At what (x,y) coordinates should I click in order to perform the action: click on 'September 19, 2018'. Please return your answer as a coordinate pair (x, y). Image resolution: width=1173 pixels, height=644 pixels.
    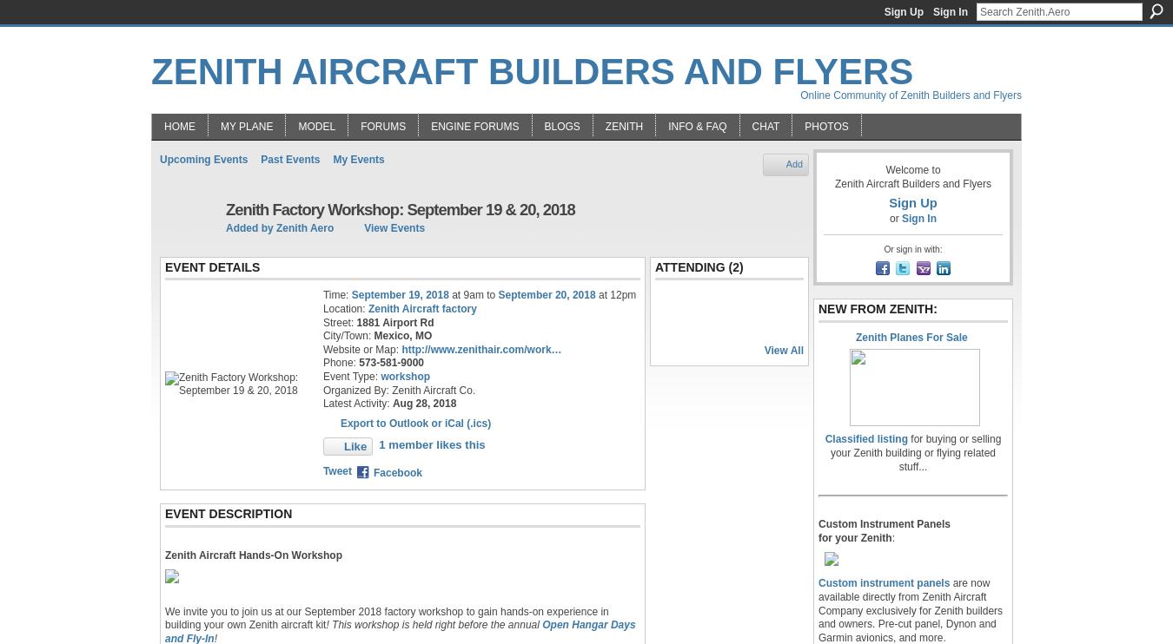
    Looking at the image, I should click on (398, 293).